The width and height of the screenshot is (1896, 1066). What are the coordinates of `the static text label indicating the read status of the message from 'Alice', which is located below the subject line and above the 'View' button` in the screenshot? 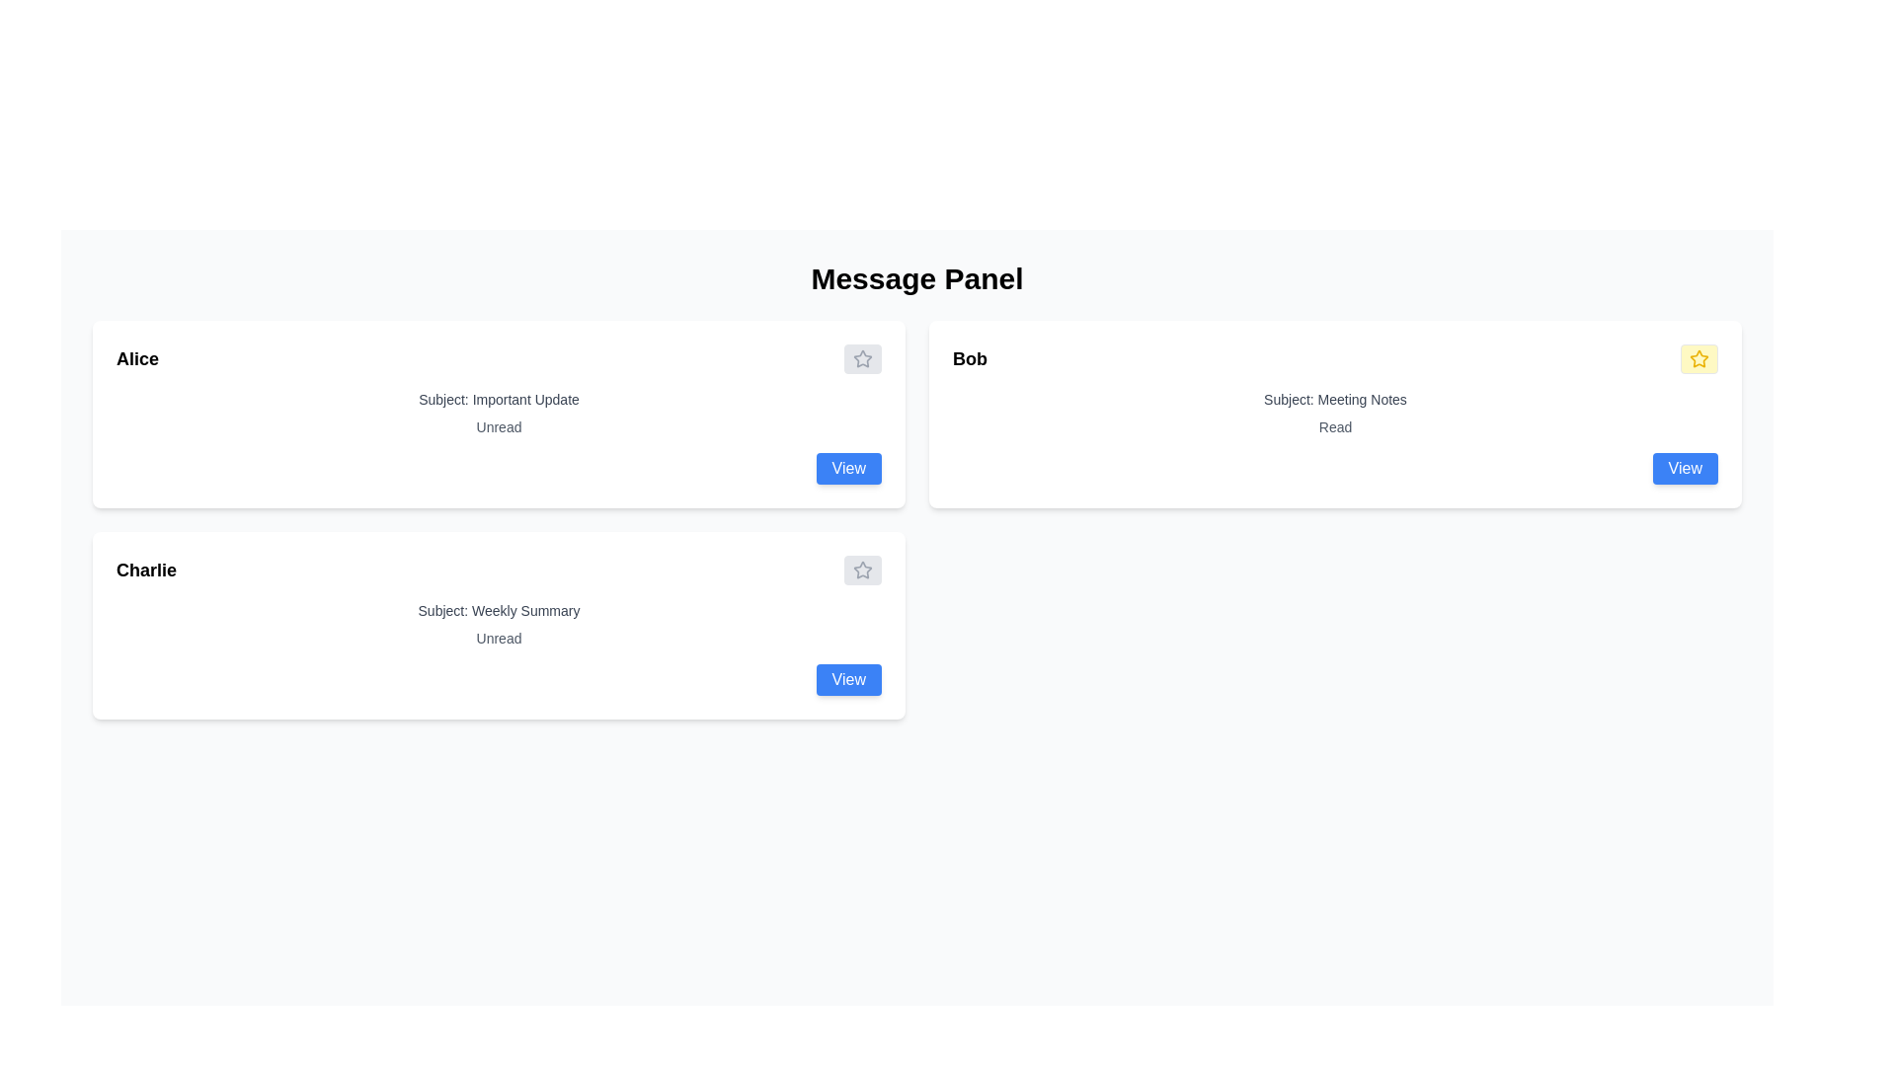 It's located at (499, 425).